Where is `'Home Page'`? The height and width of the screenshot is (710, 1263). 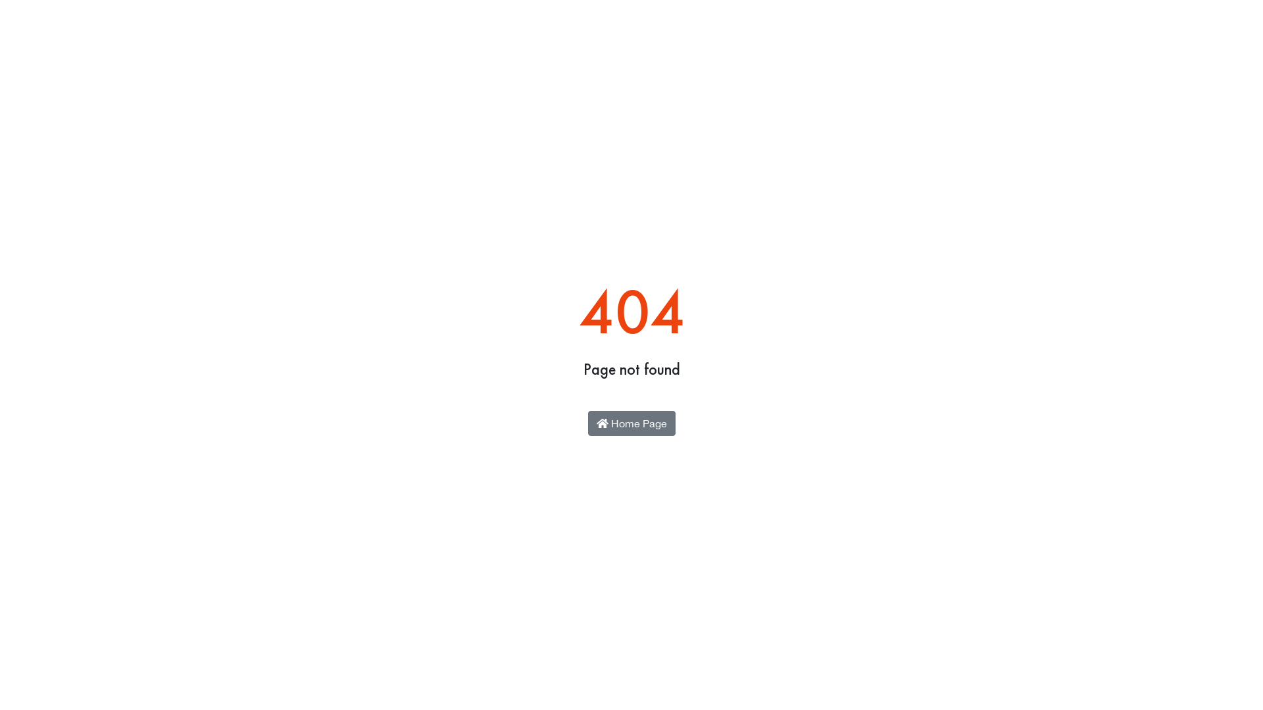 'Home Page' is located at coordinates (631, 423).